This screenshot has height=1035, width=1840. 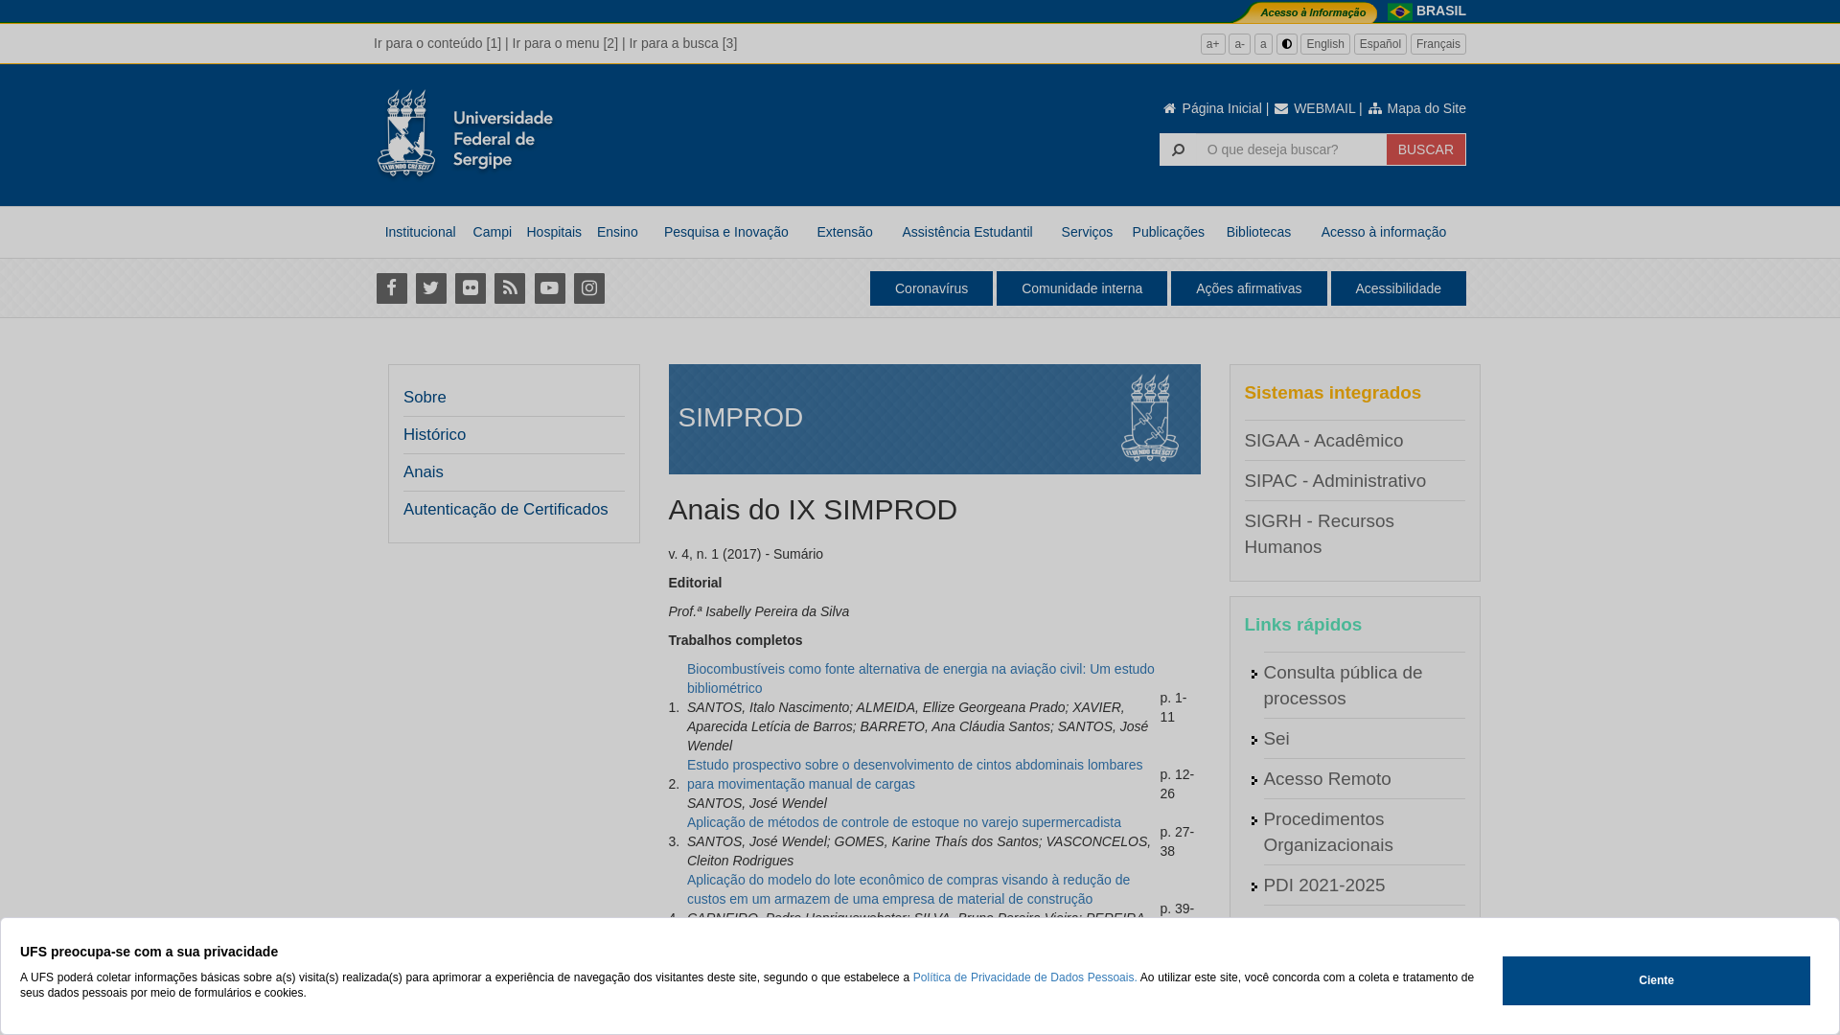 What do you see at coordinates (1333, 479) in the screenshot?
I see `'SIPAC - Administrativo'` at bounding box center [1333, 479].